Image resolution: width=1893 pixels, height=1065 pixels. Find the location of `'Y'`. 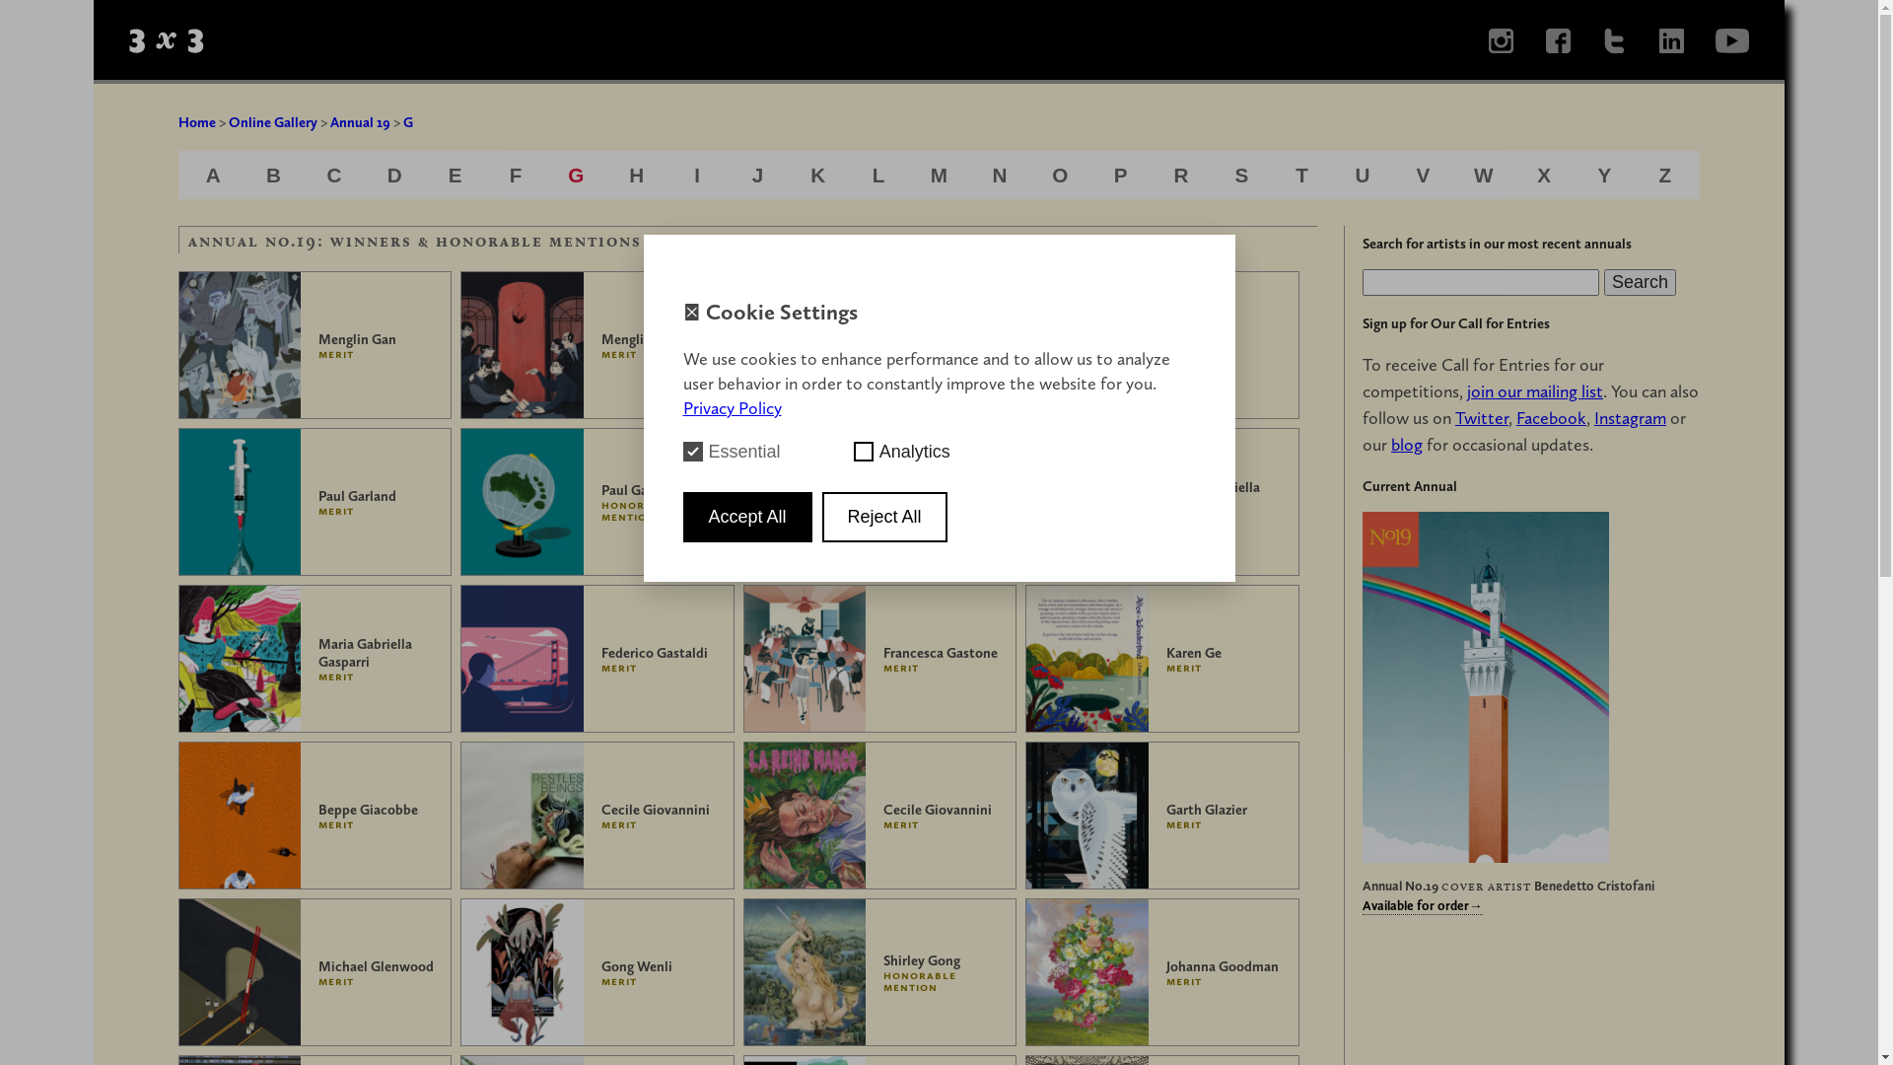

'Y' is located at coordinates (1604, 174).